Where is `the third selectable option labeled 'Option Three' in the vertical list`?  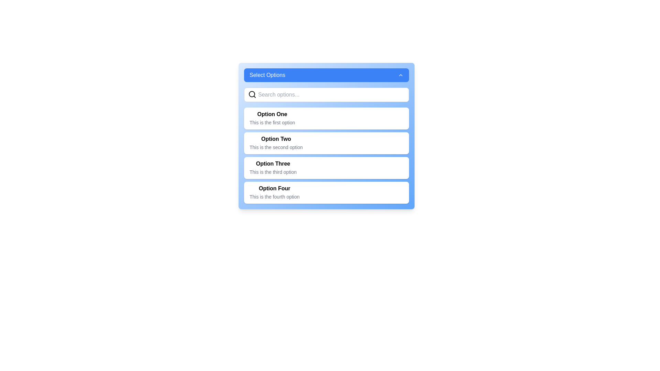
the third selectable option labeled 'Option Three' in the vertical list is located at coordinates (326, 168).